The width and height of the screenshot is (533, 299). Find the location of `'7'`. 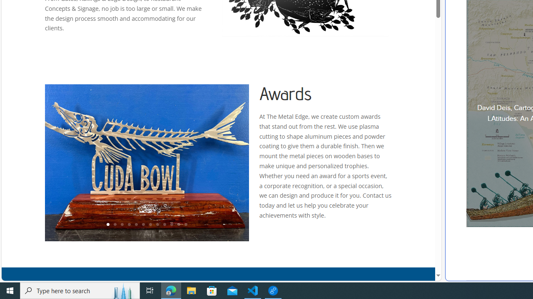

'7' is located at coordinates (150, 225).